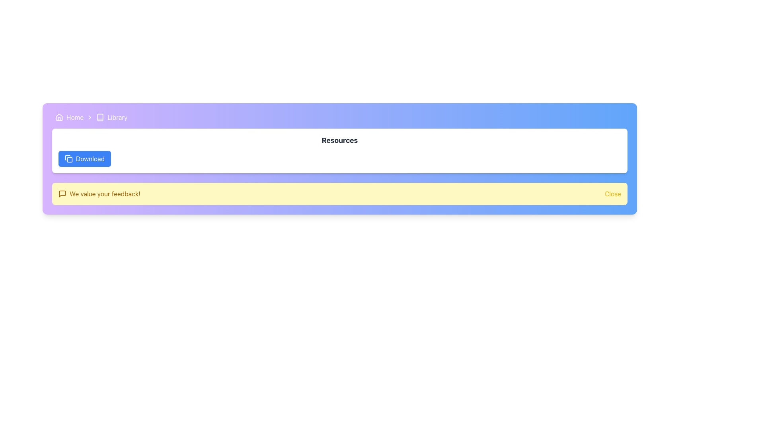 The image size is (764, 430). What do you see at coordinates (111, 117) in the screenshot?
I see `the 'Library' button which contains an open book icon and is located in the navigation bar to the right of the 'Home' link to trigger hover effects` at bounding box center [111, 117].